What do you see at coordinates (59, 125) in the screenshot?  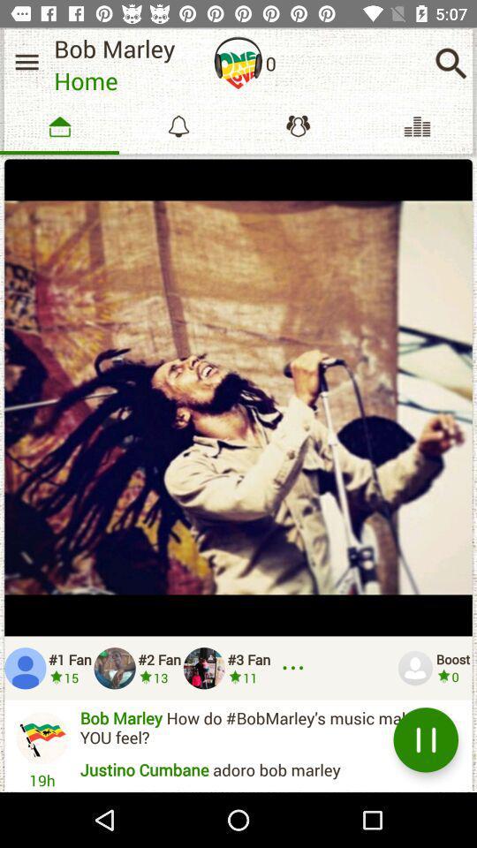 I see `the home icon below home` at bounding box center [59, 125].